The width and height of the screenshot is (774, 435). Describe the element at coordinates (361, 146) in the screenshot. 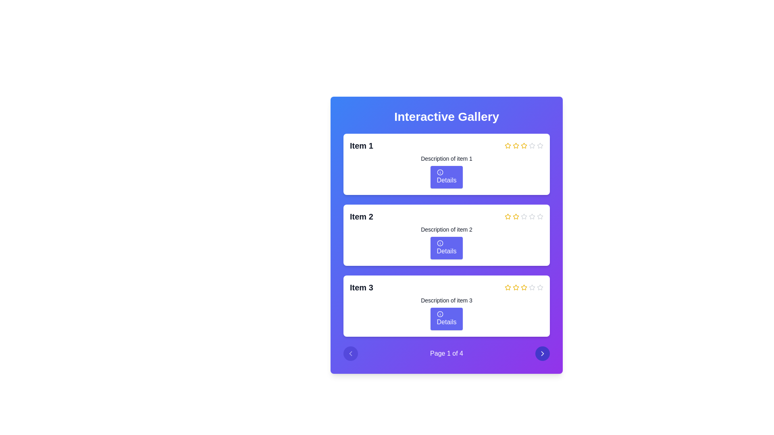

I see `the Text label located at the upper-left corner of the card-like structure, which serves as the title of the section` at that location.